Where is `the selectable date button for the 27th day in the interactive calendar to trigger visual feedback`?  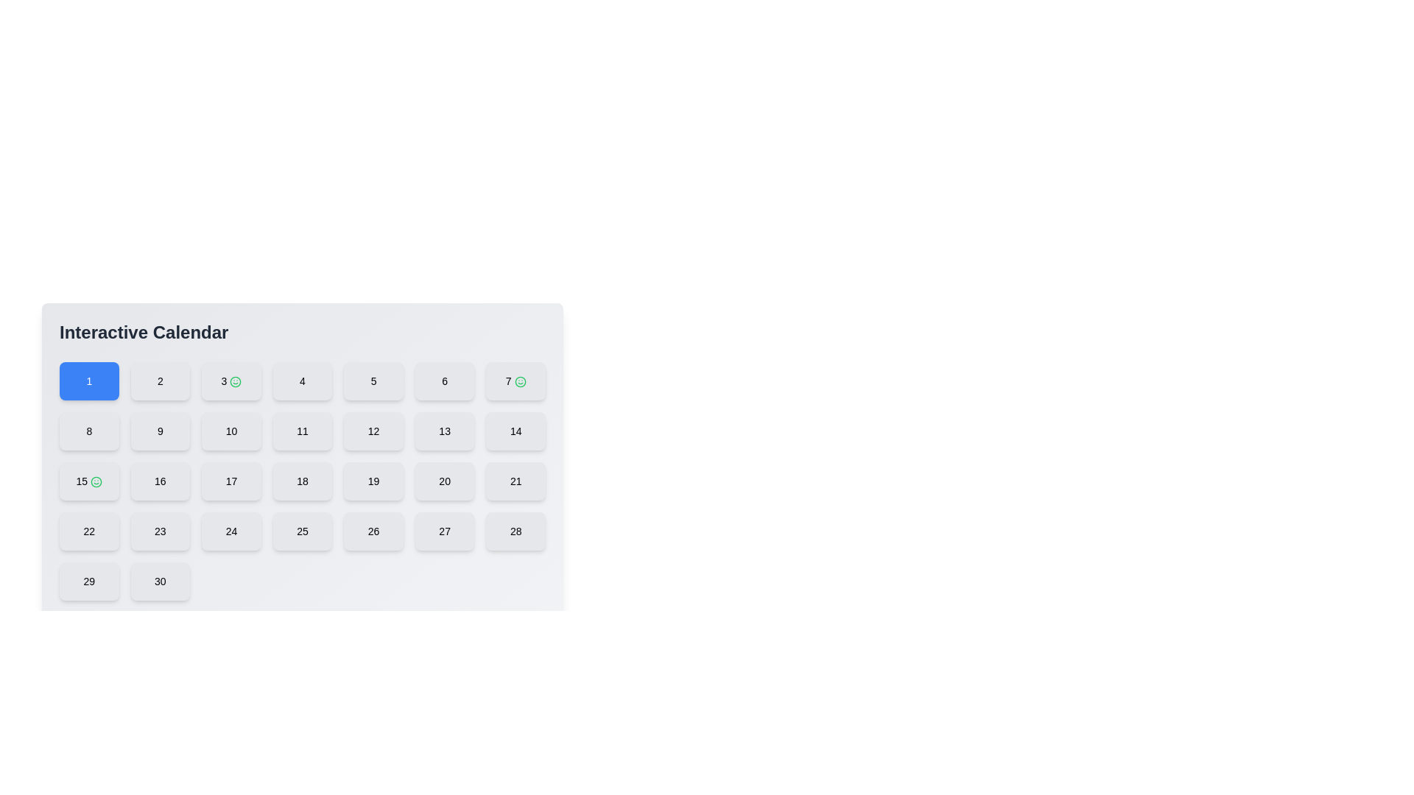
the selectable date button for the 27th day in the interactive calendar to trigger visual feedback is located at coordinates (444, 531).